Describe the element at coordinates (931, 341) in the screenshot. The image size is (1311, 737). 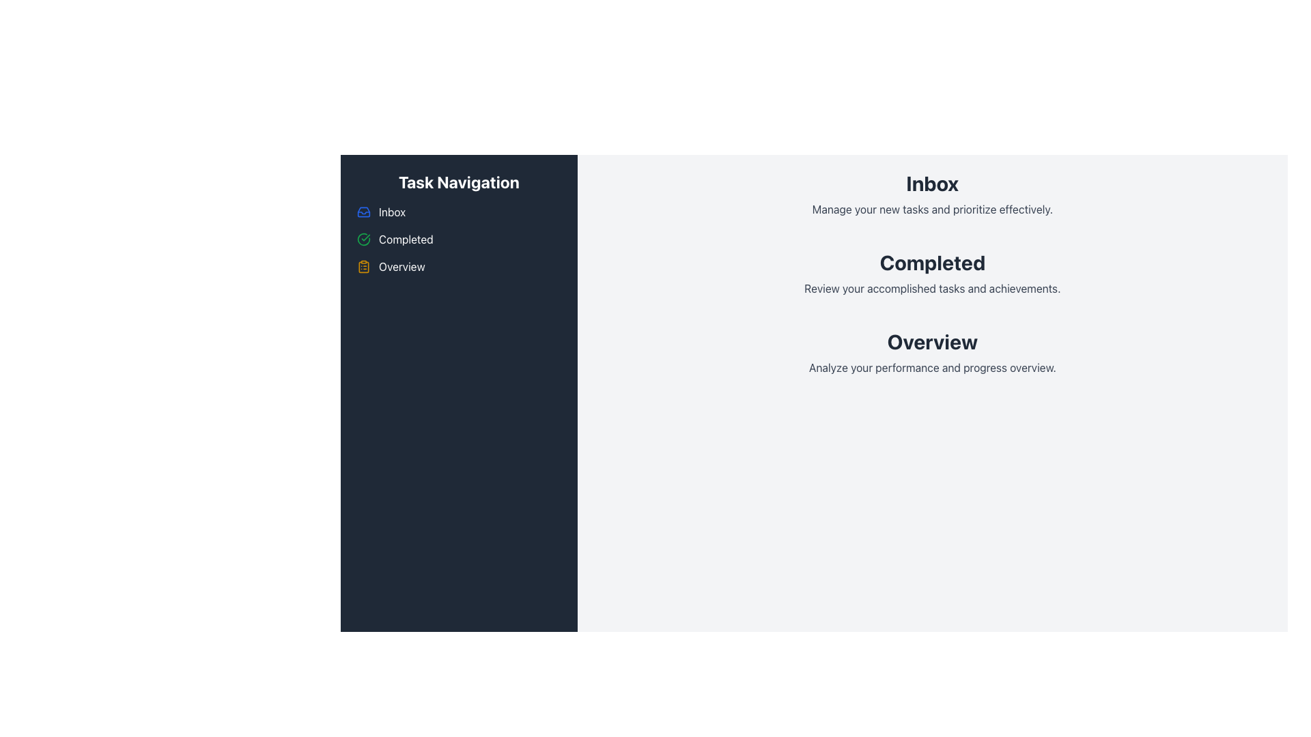
I see `the Text Label that serves as a section title above the overview content, indicating key information or metrics` at that location.